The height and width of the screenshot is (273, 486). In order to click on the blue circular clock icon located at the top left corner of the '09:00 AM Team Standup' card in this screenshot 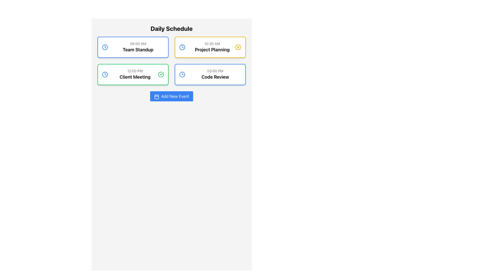, I will do `click(105, 47)`.